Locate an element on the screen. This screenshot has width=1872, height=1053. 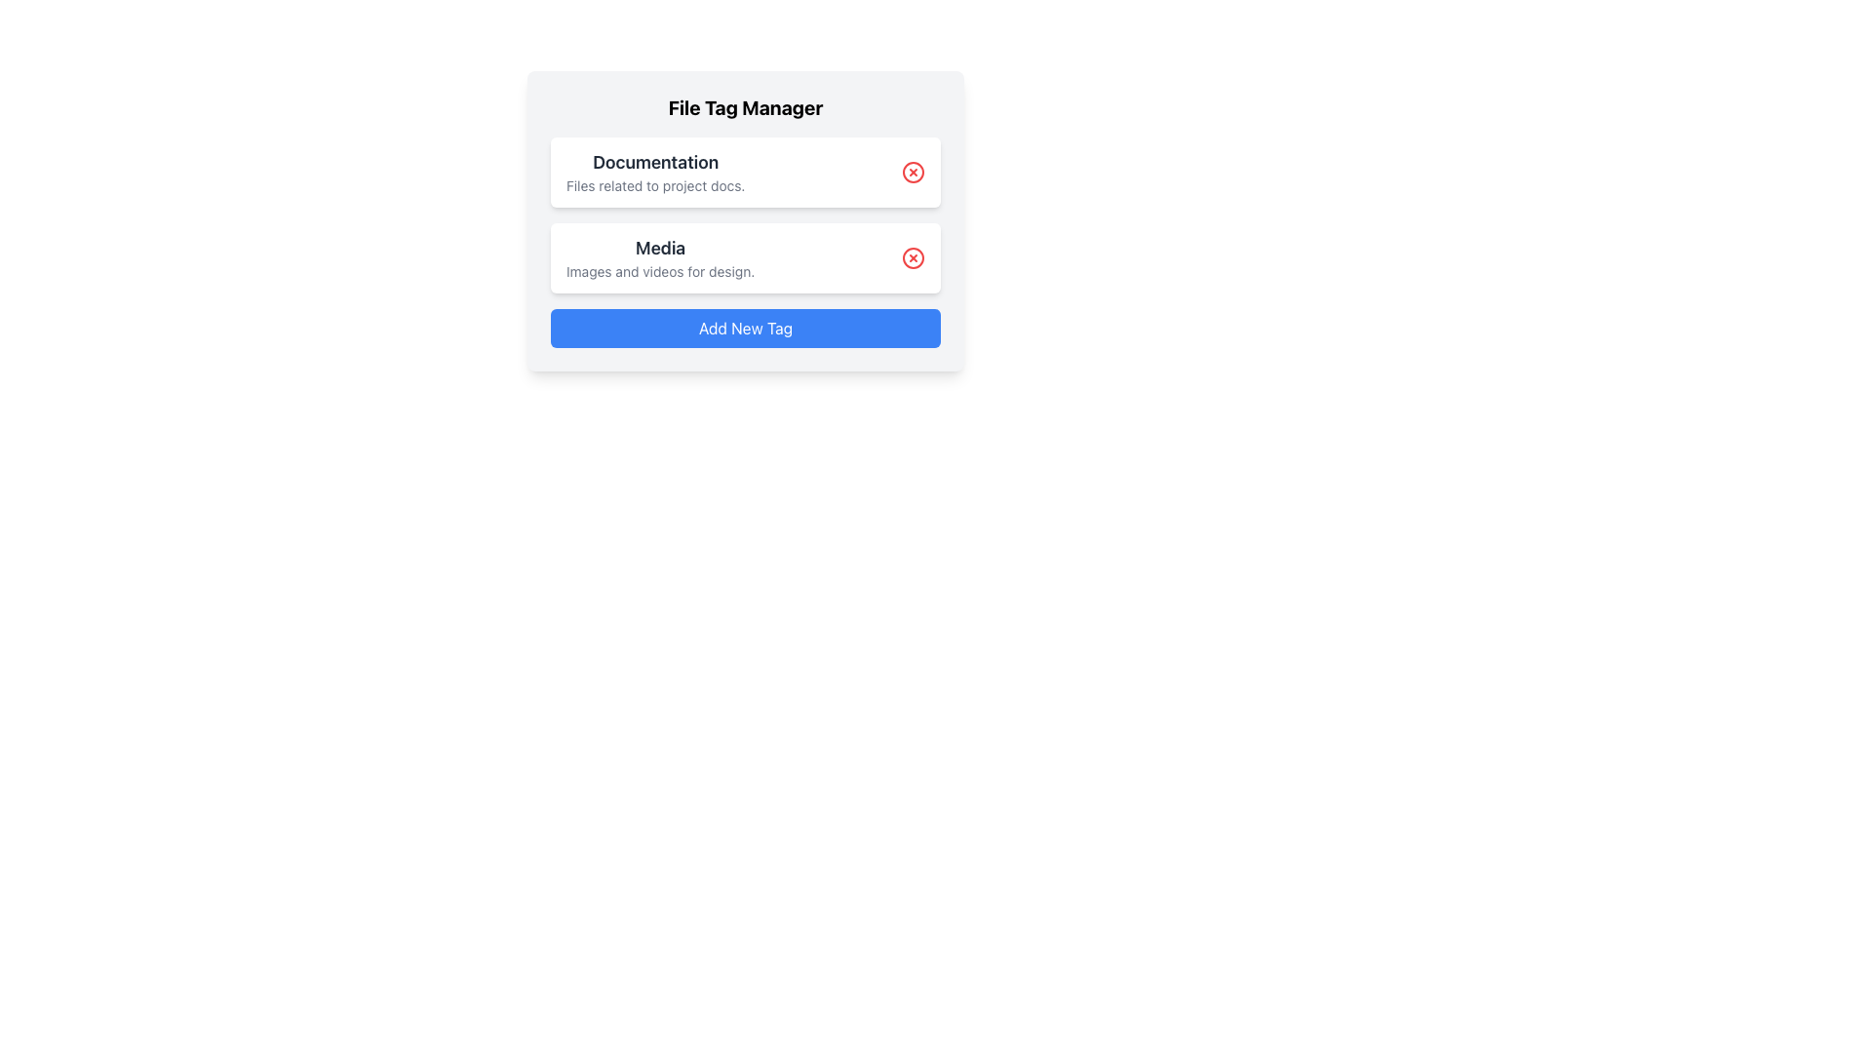
the text block titled 'Documentation' which provides the description 'Files related to project docs.' in the 'File Tag Manager' card component is located at coordinates (655, 172).